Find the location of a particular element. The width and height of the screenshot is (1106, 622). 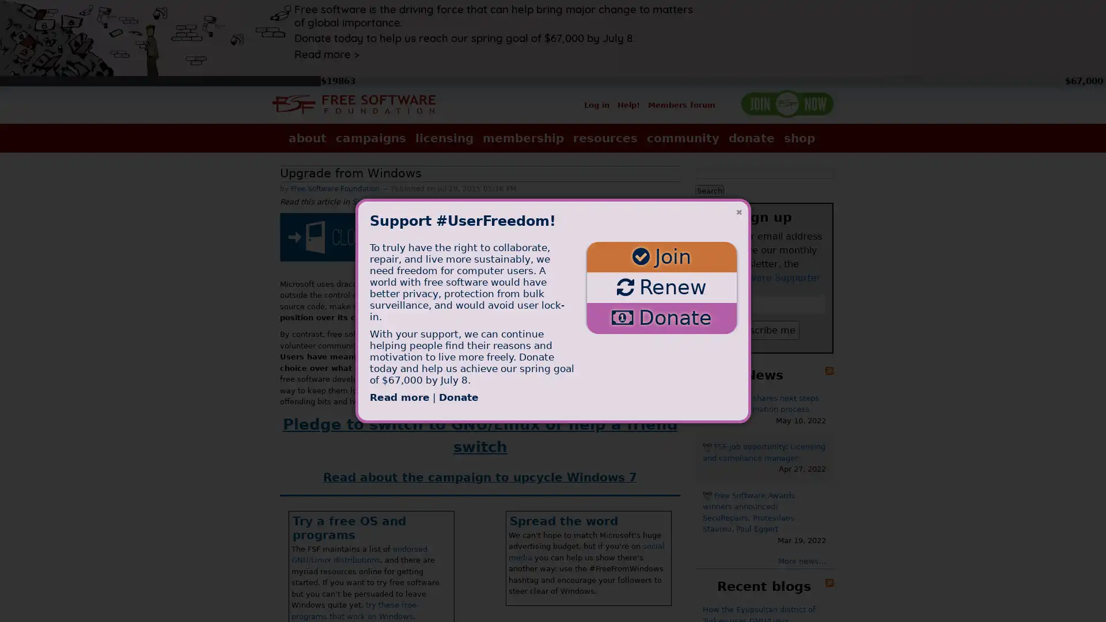

Subscribe me is located at coordinates (764, 329).